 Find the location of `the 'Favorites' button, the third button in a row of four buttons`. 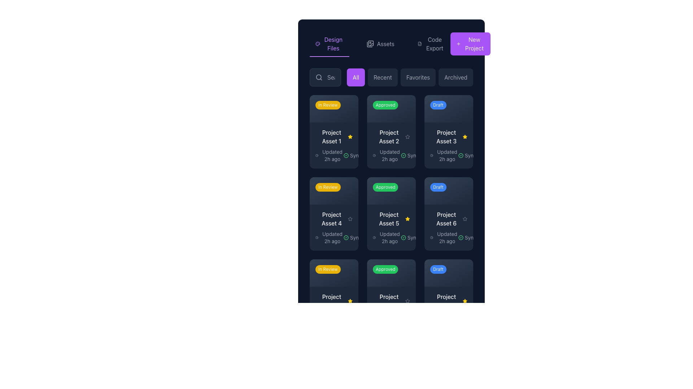

the 'Favorites' button, the third button in a row of four buttons is located at coordinates (418, 77).